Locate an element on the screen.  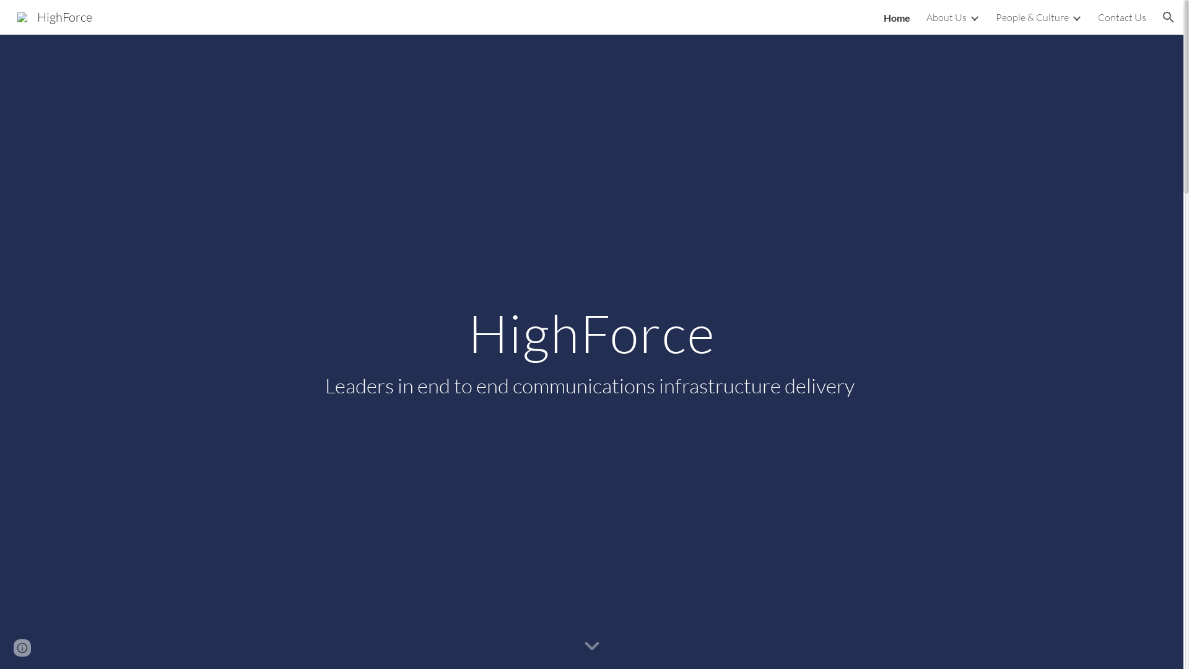
'About Us' is located at coordinates (946, 17).